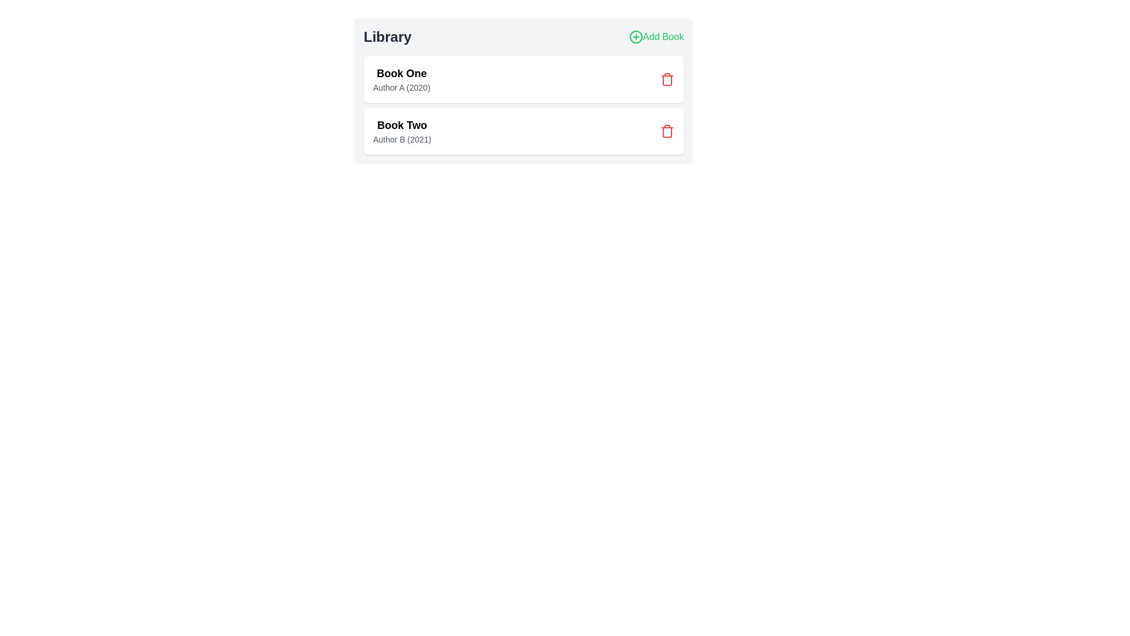 The image size is (1130, 636). Describe the element at coordinates (667, 131) in the screenshot. I see `the delete button located on the far right of the row labeled 'Book Two Author B (2021)'` at that location.